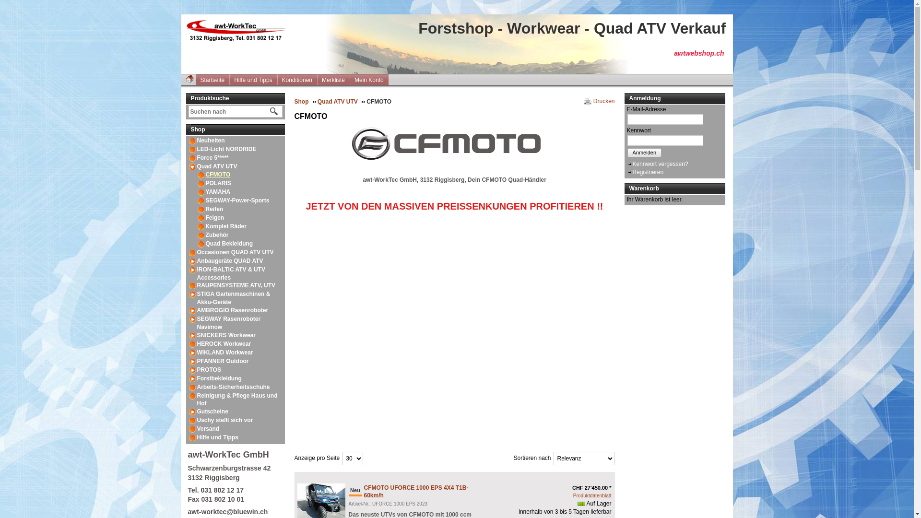 Image resolution: width=921 pixels, height=518 pixels. Describe the element at coordinates (225, 334) in the screenshot. I see `'SNICKERS Workwear'` at that location.